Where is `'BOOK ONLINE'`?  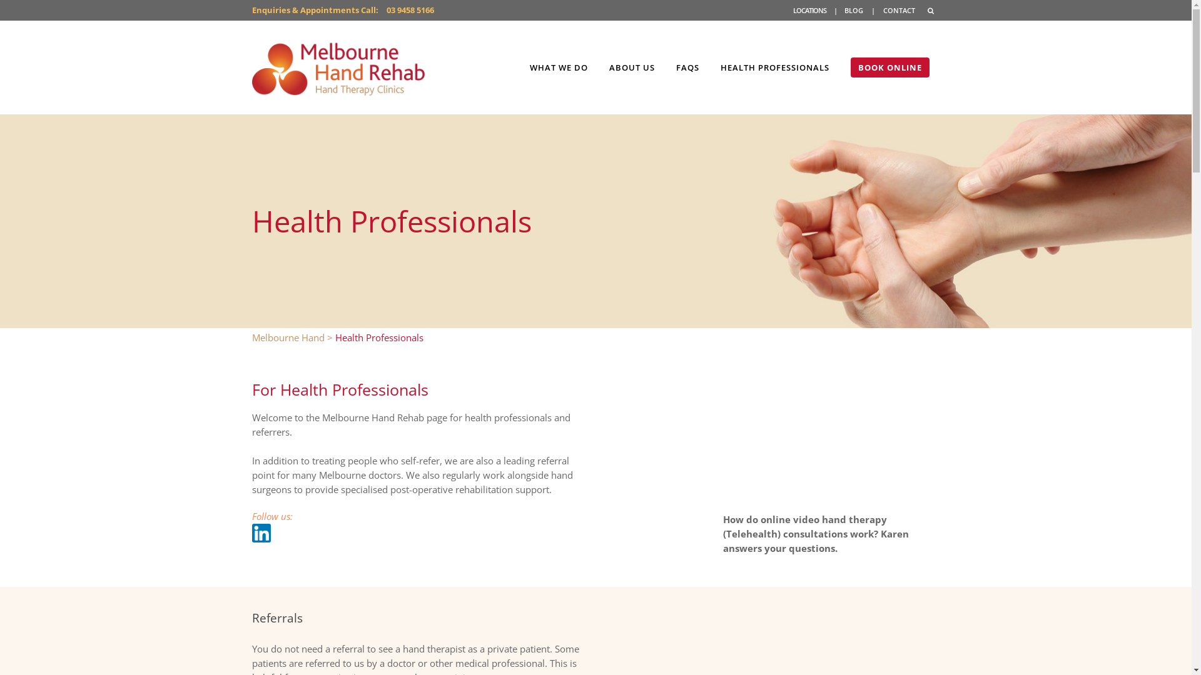 'BOOK ONLINE' is located at coordinates (889, 67).